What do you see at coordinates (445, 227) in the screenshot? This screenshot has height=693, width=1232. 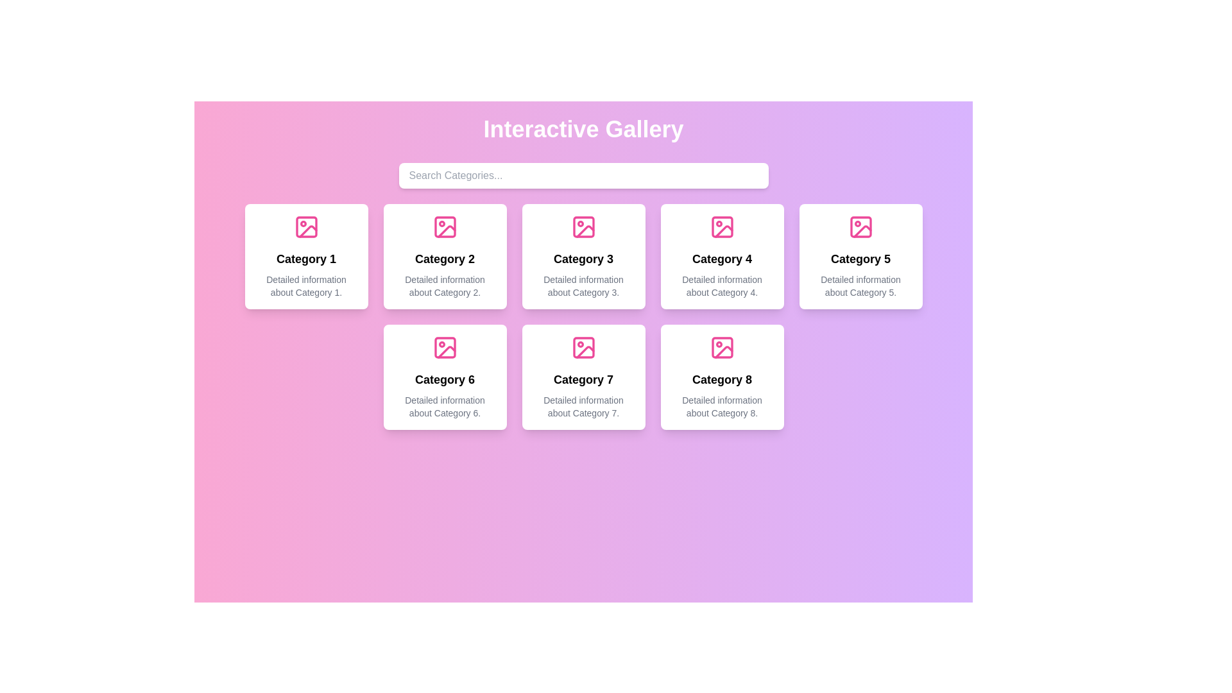 I see `the decorative graphical element located at the top-left corner of the SVG icon, which is part of the card above 'Category 2' in the second column of the card grid` at bounding box center [445, 227].